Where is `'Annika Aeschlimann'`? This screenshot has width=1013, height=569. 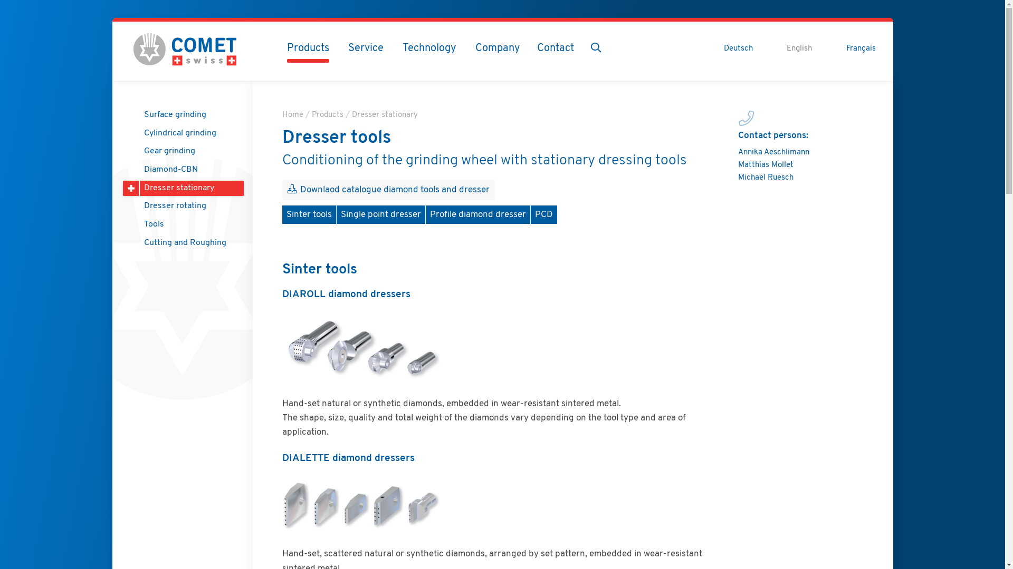
'Annika Aeschlimann' is located at coordinates (773, 152).